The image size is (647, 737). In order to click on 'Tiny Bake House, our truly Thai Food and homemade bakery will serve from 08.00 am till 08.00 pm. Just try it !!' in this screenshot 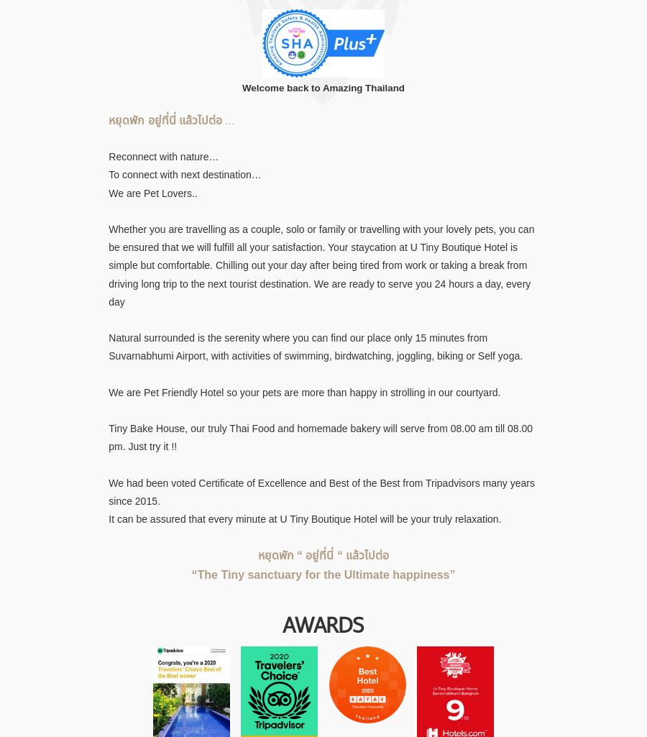, I will do `click(321, 436)`.